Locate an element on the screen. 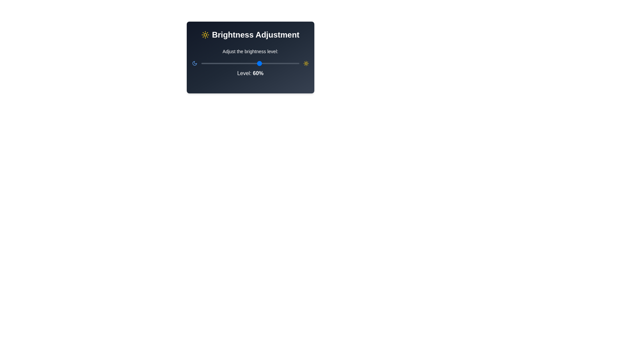 The width and height of the screenshot is (638, 359). the brightness level is located at coordinates (213, 63).